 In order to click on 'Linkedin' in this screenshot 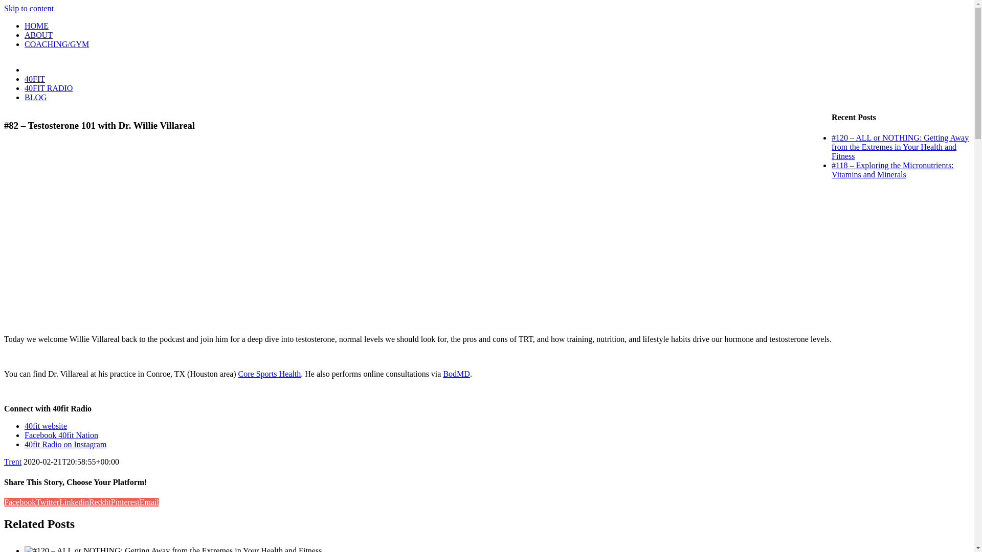, I will do `click(73, 501)`.